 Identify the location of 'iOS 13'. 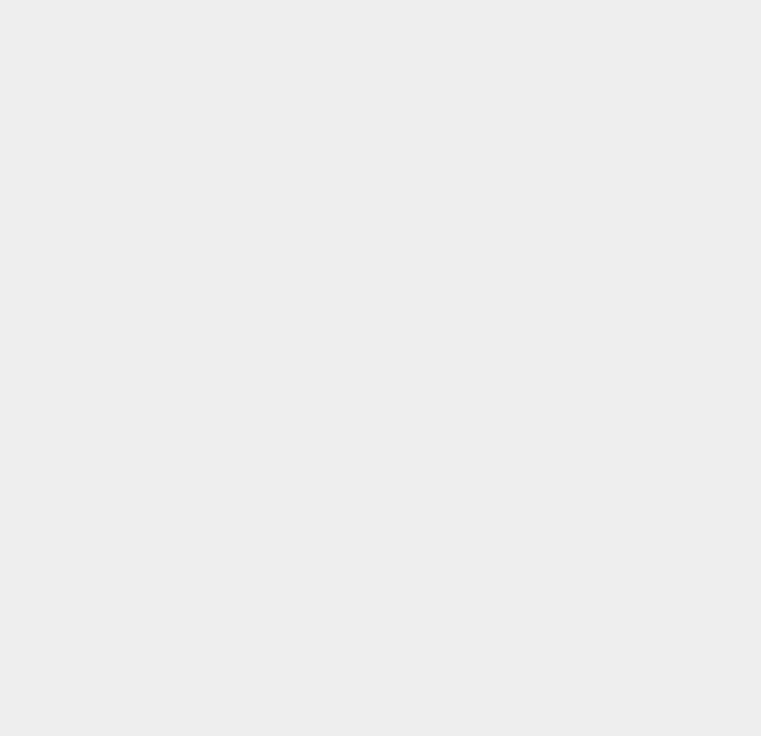
(552, 130).